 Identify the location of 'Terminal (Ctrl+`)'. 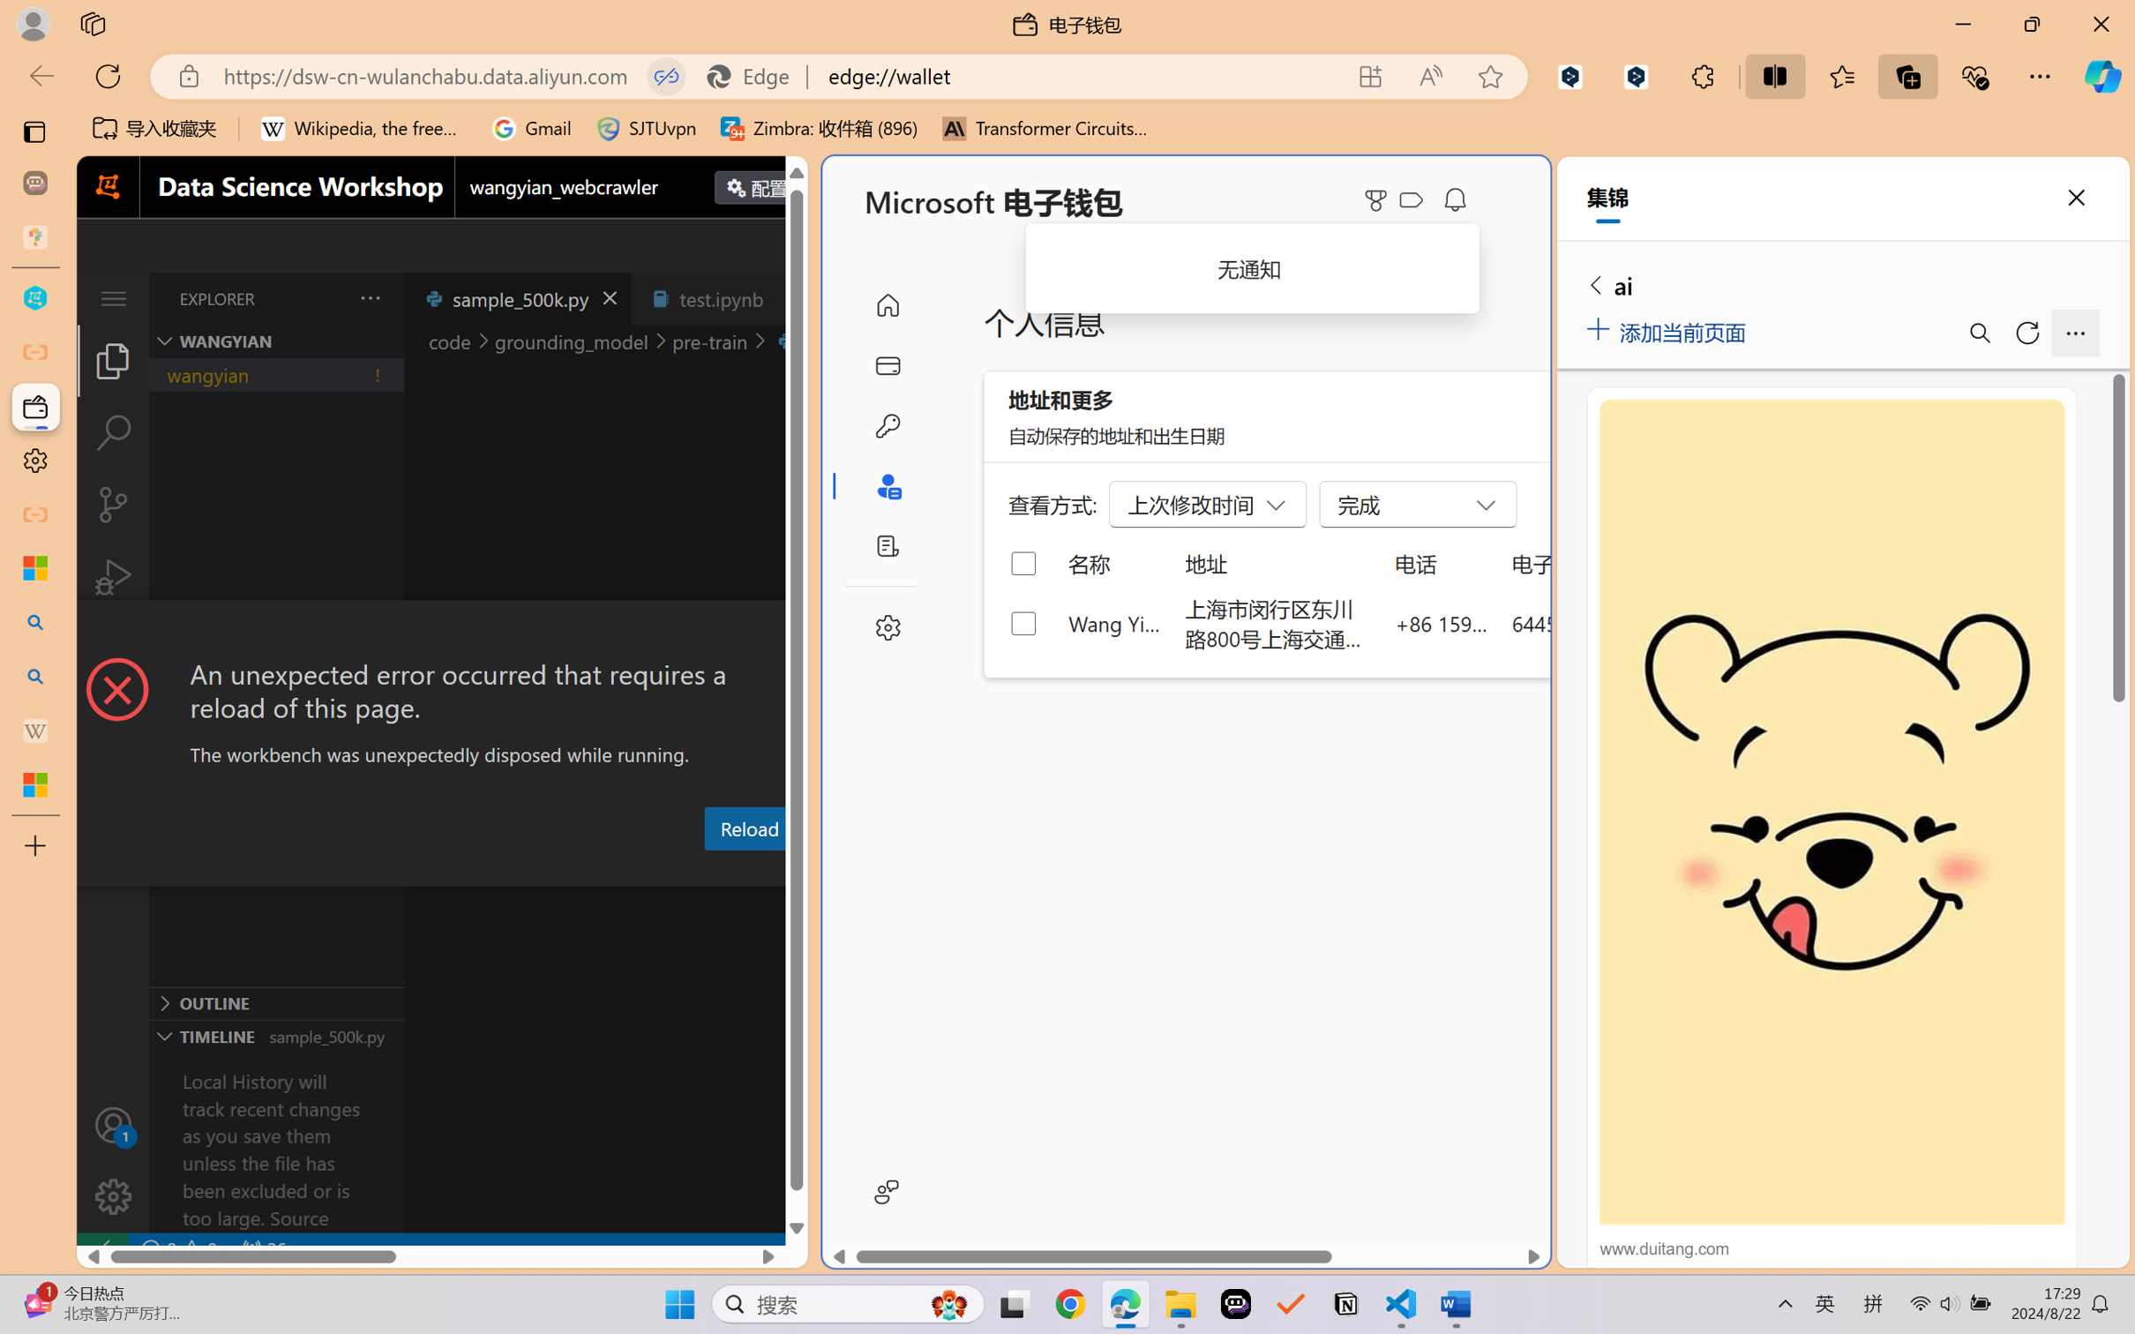
(850, 870).